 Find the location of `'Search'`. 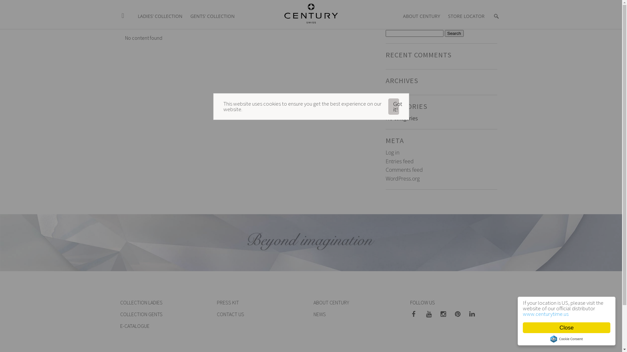

'Search' is located at coordinates (454, 33).